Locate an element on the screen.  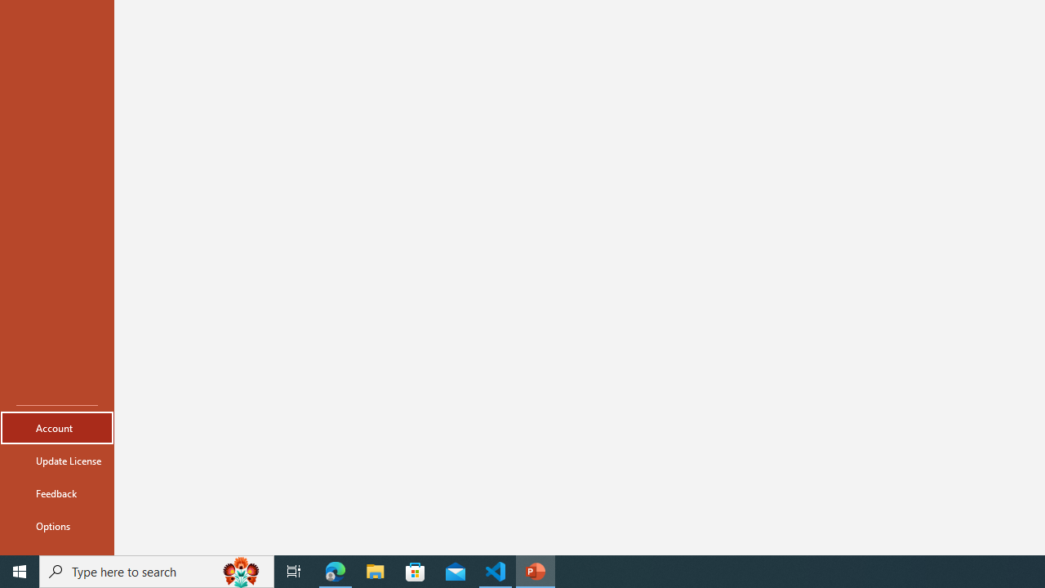
'Feedback' is located at coordinates (56, 492).